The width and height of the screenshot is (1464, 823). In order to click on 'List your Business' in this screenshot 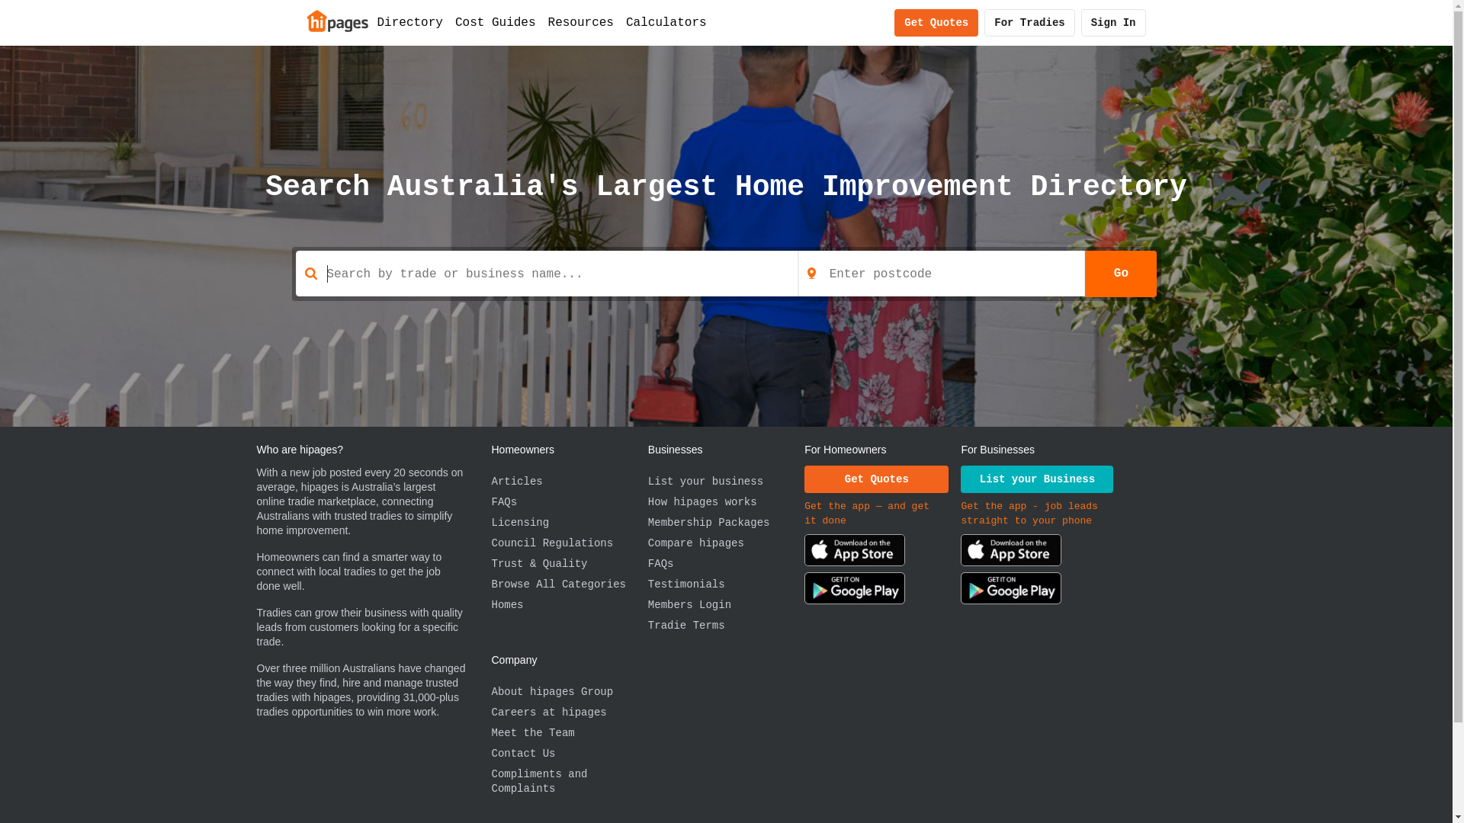, I will do `click(1036, 478)`.